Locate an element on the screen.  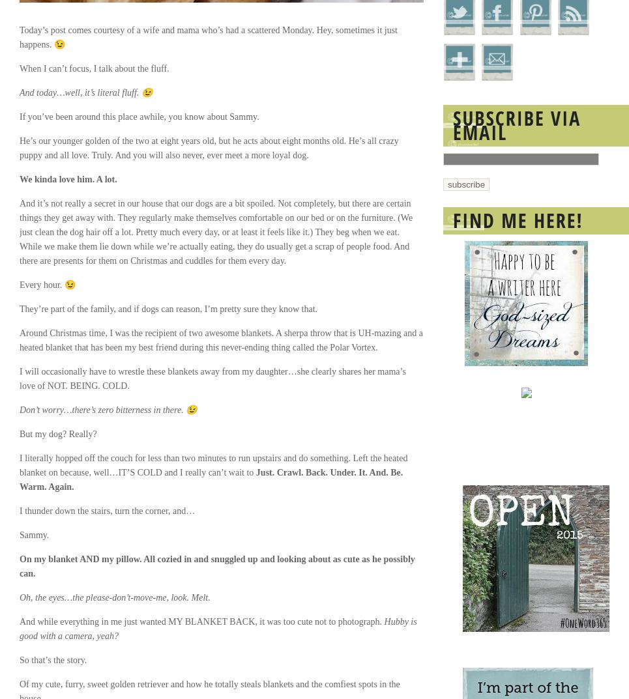
'Today’s post comes courtesy of a wife and mama who’s had a scattered Monday. Hey, sometimes it just happens. 😉' is located at coordinates (207, 36).